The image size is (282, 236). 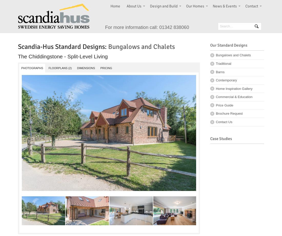 What do you see at coordinates (164, 6) in the screenshot?
I see `'Design and Build'` at bounding box center [164, 6].